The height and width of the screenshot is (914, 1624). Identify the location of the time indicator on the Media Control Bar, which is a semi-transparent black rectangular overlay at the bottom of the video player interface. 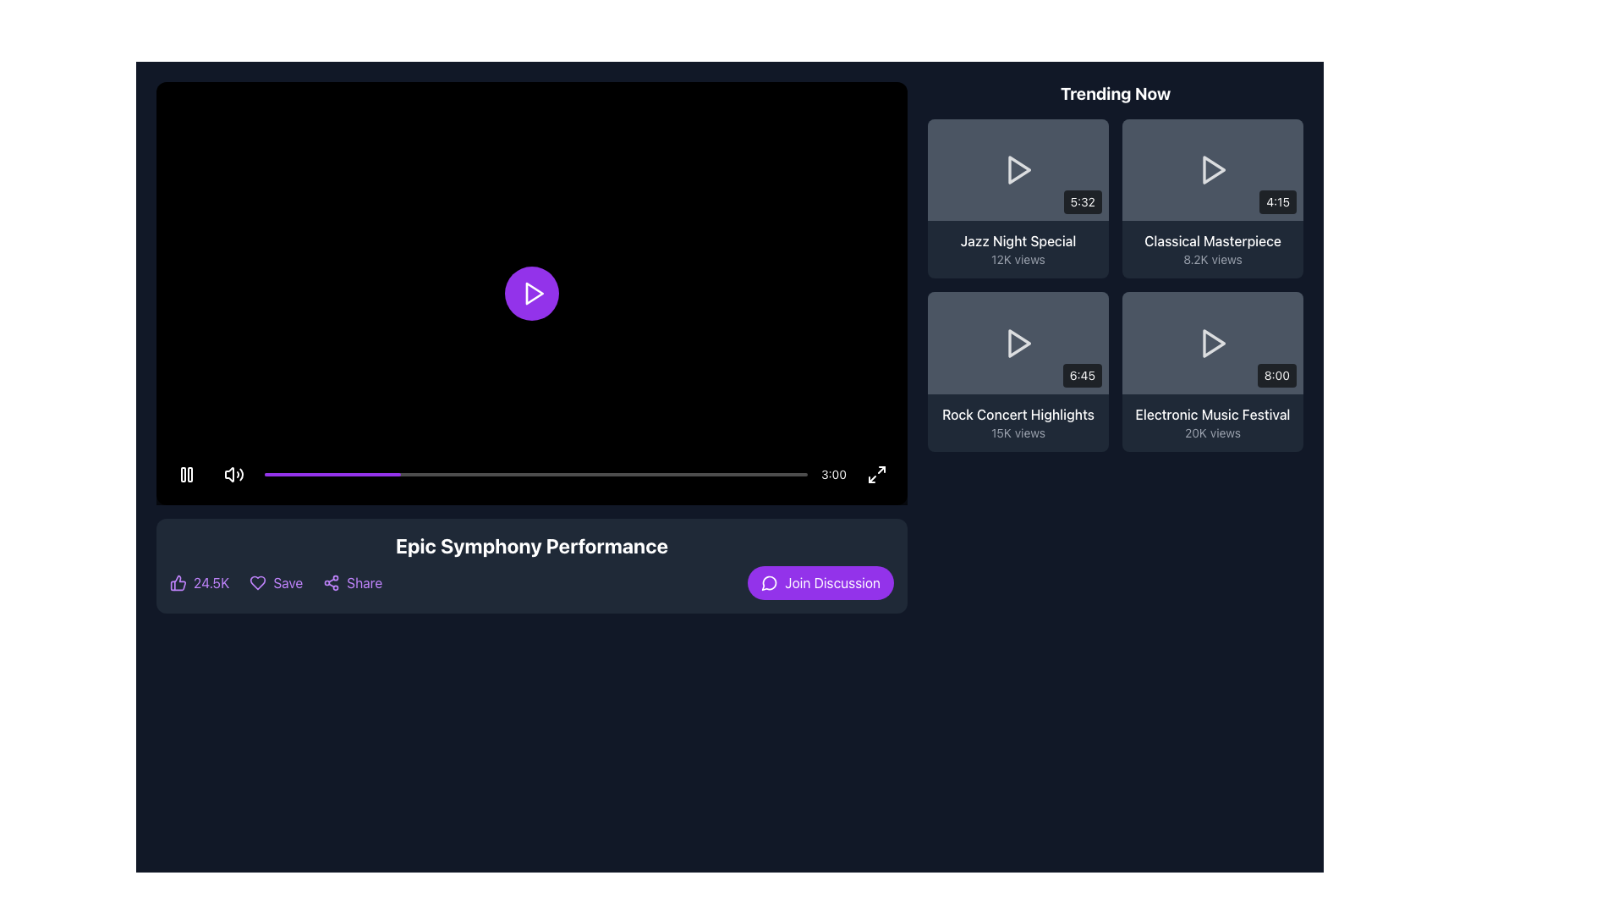
(530, 474).